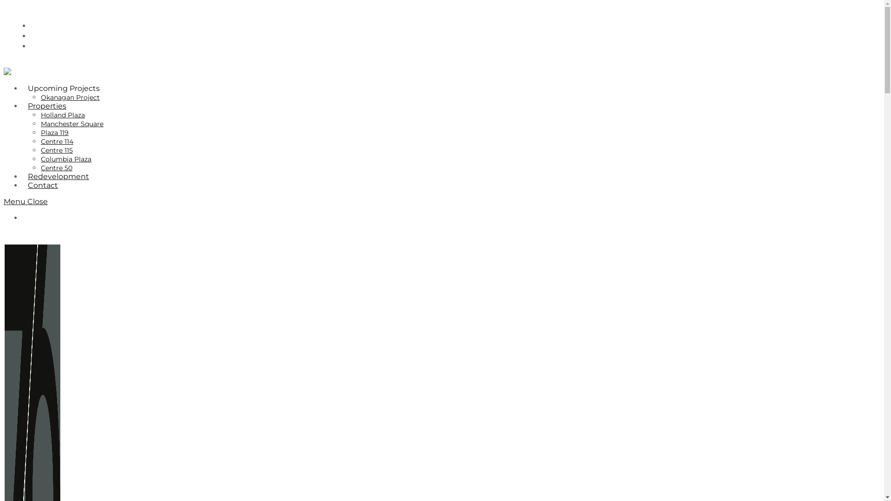 This screenshot has width=891, height=501. What do you see at coordinates (47, 218) in the screenshot?
I see `'780-705-8676'` at bounding box center [47, 218].